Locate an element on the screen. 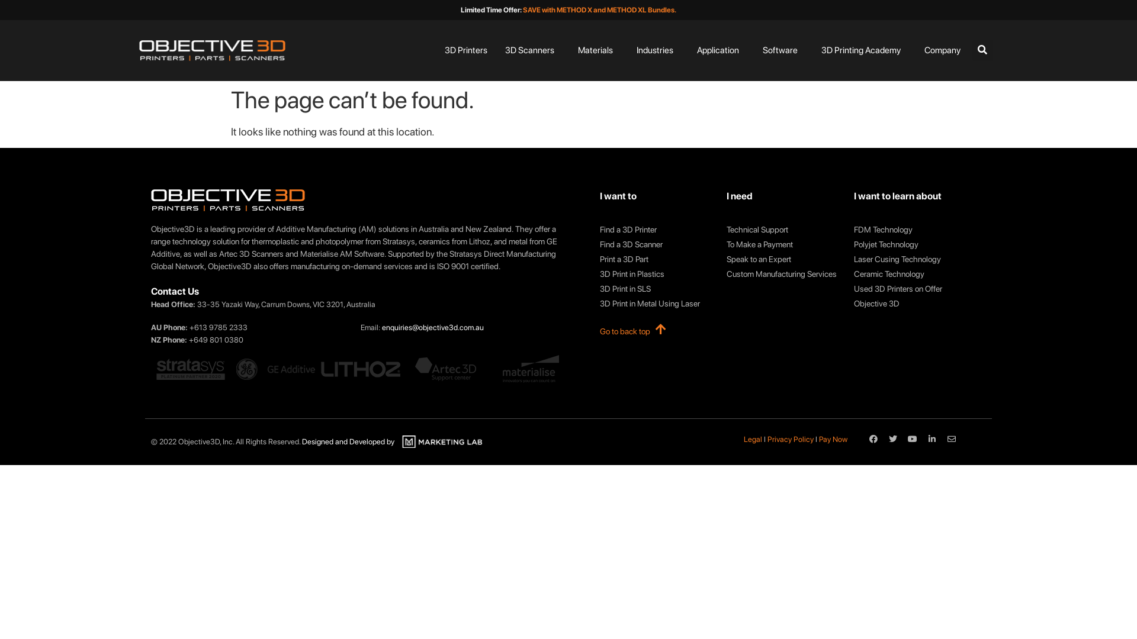 The image size is (1137, 639). 'Technical Support' is located at coordinates (784, 230).